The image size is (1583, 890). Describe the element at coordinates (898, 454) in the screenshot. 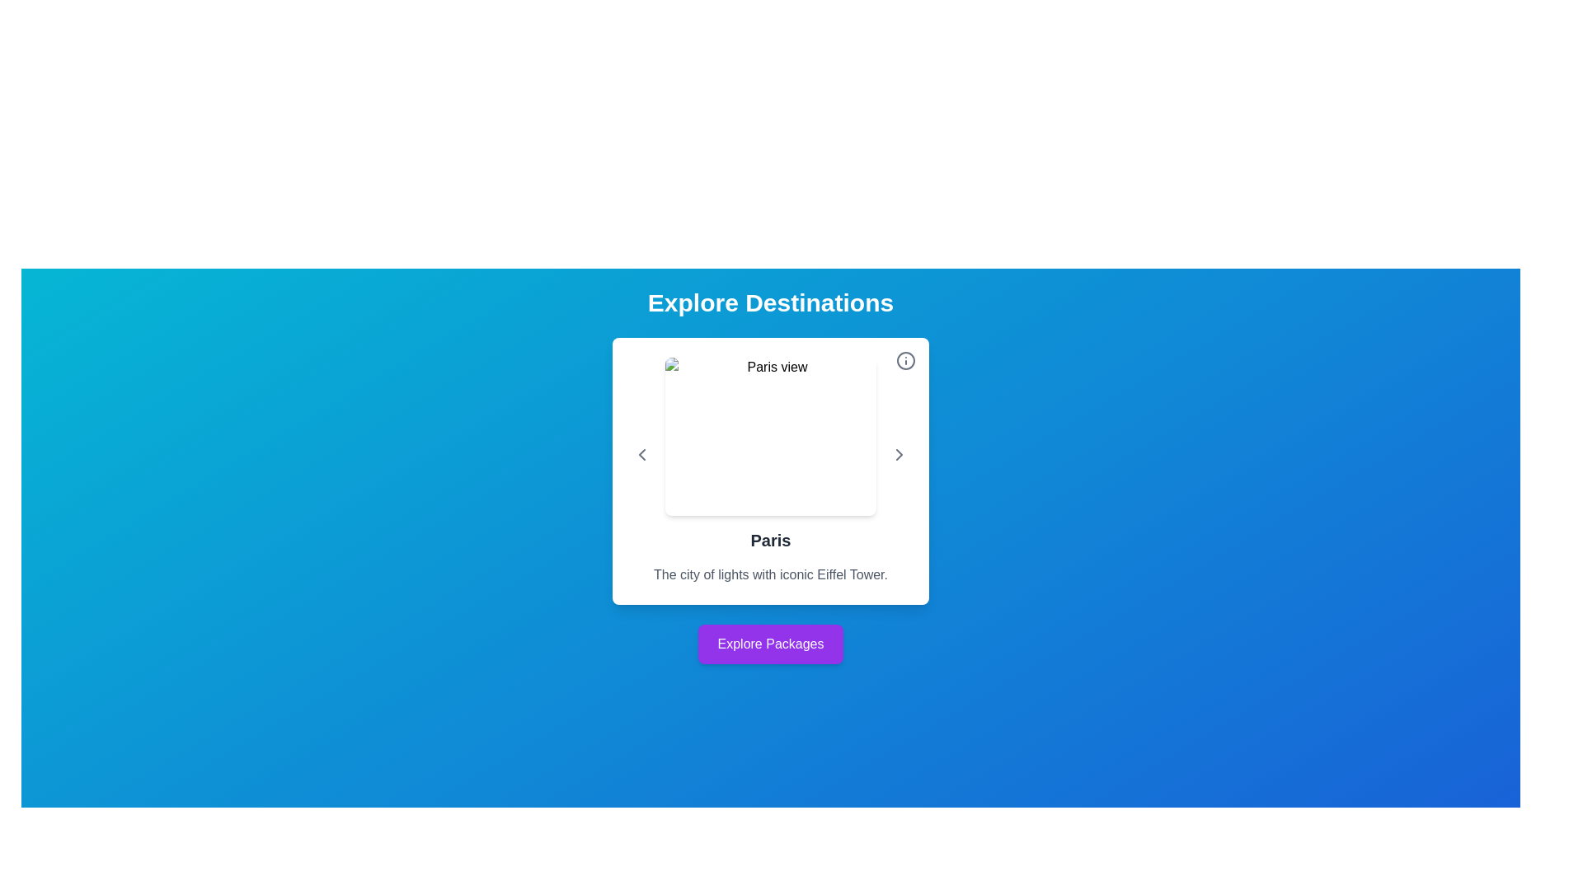

I see `the navigation button positioned to the far right of the horizontal component set` at that location.